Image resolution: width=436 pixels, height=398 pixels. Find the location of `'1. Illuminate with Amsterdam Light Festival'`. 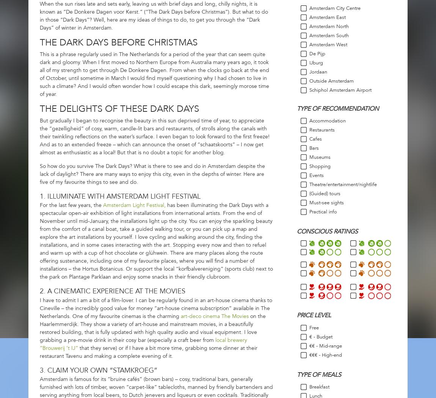

'1. Illuminate with Amsterdam Light Festival' is located at coordinates (120, 196).